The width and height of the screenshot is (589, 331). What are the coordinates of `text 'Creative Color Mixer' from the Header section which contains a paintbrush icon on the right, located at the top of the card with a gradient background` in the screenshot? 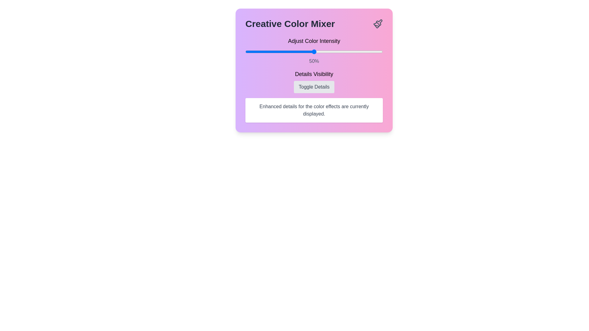 It's located at (314, 23).